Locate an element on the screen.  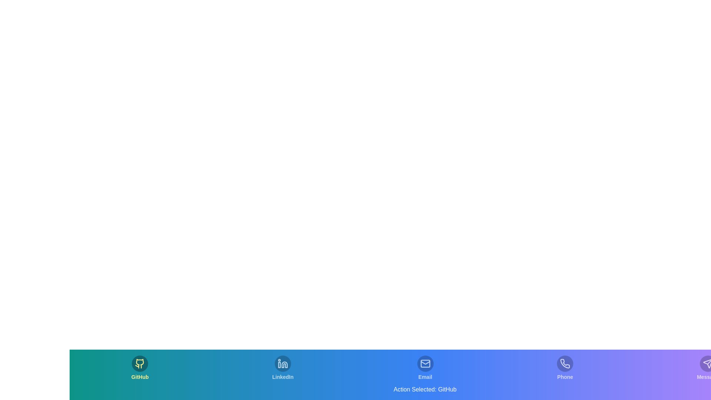
the tab corresponding to GitHub to observe the action text update is located at coordinates (140, 368).